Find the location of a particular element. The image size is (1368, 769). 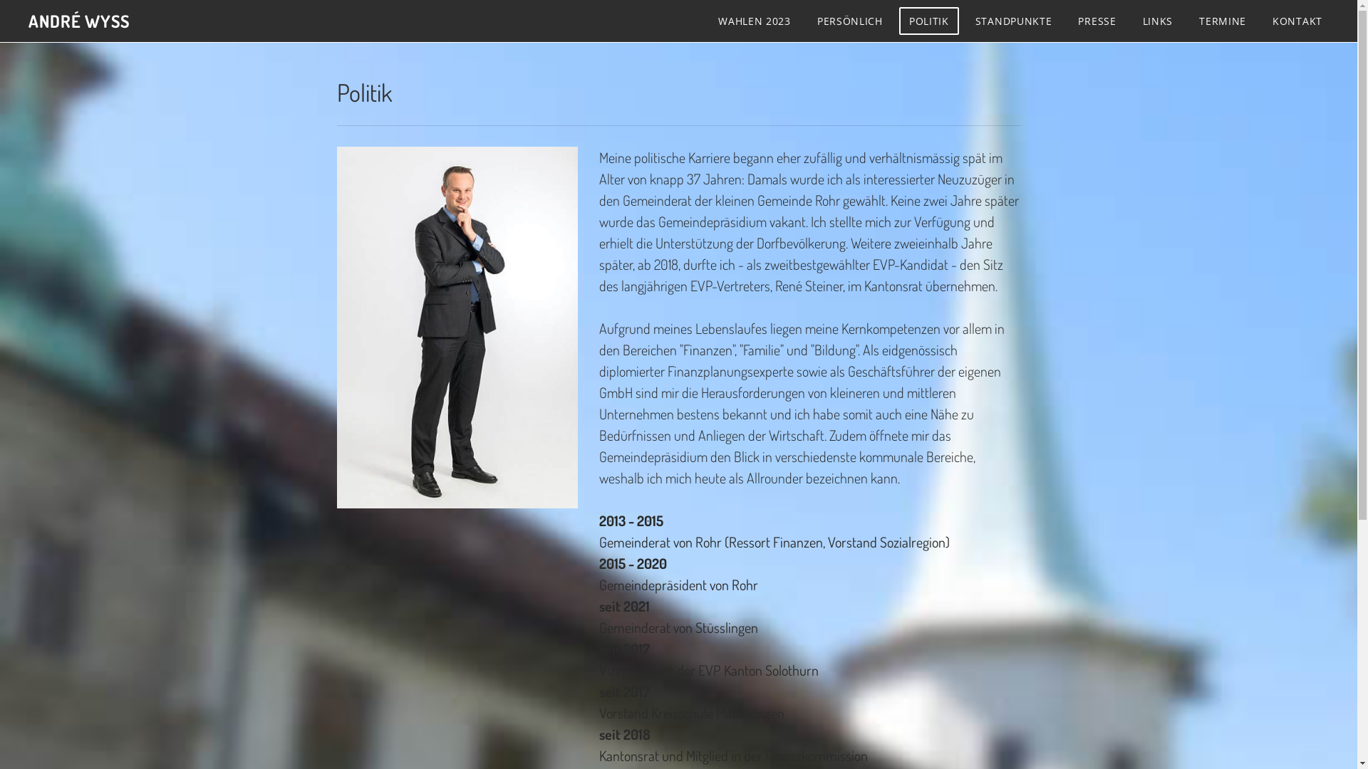

'POLITIK' is located at coordinates (929, 21).